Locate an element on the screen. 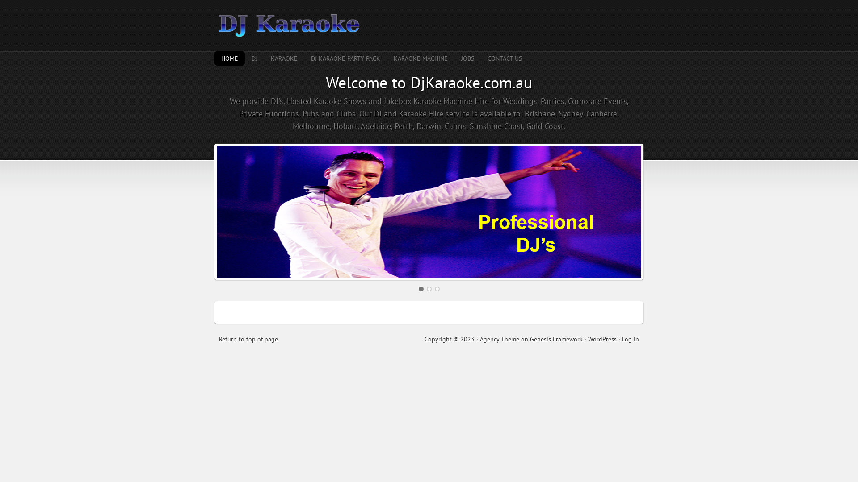  'WordPress' is located at coordinates (602, 339).